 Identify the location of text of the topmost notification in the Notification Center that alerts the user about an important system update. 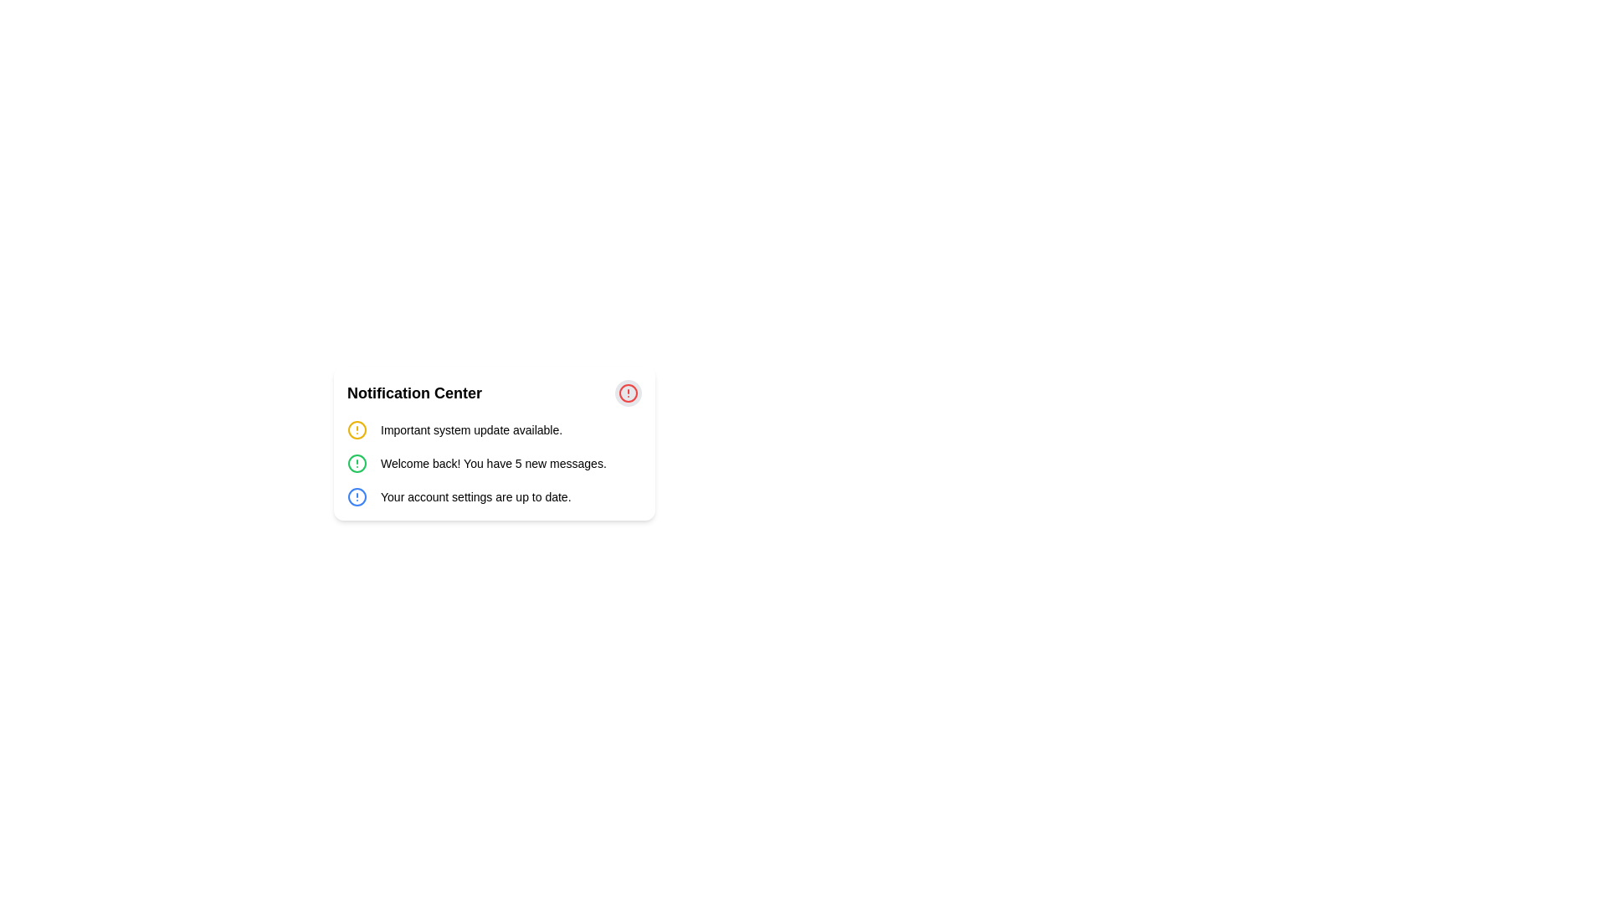
(493, 429).